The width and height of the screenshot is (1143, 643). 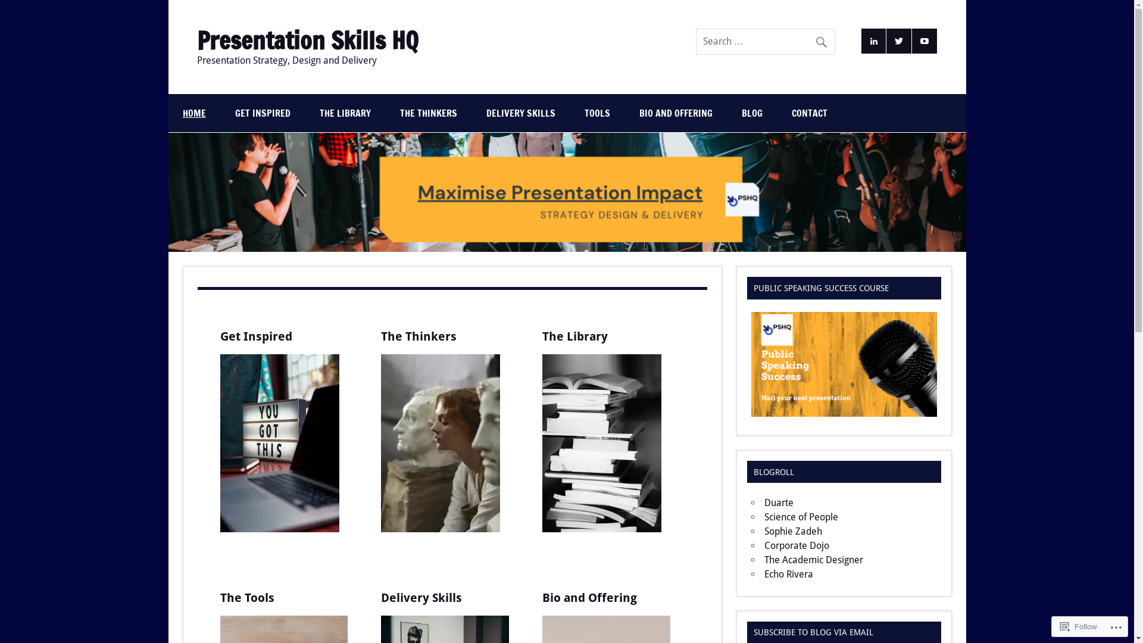 What do you see at coordinates (813, 560) in the screenshot?
I see `'The Academic Designer'` at bounding box center [813, 560].